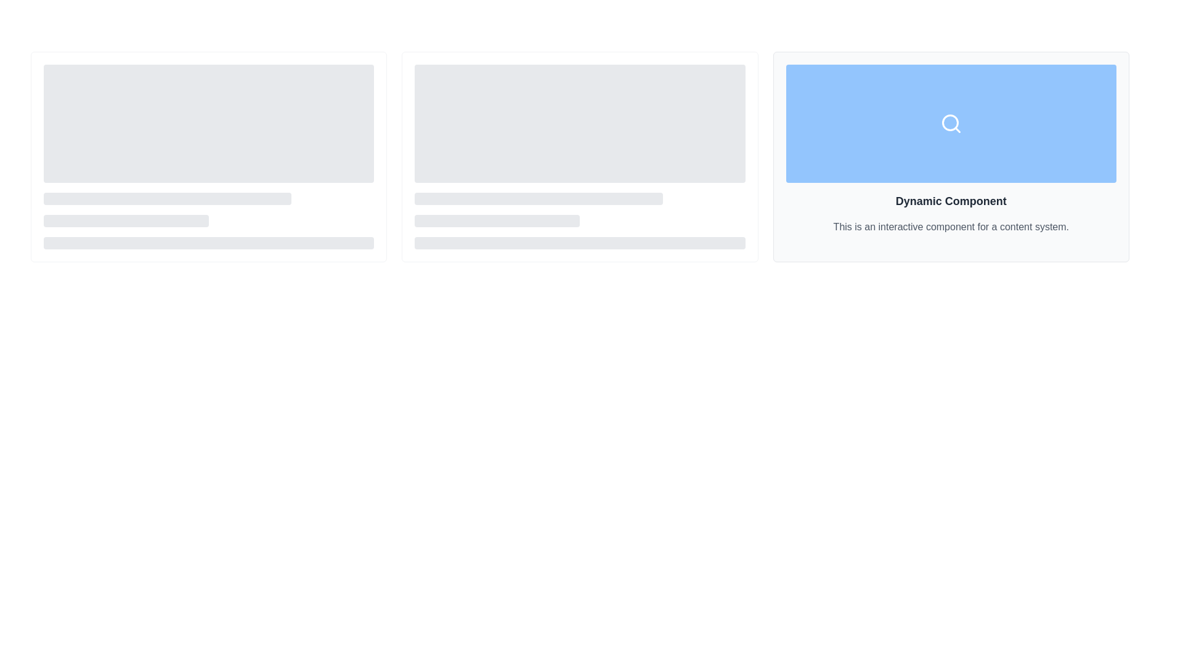  Describe the element at coordinates (950, 156) in the screenshot. I see `the informational card displaying a title and description, located in the top-right corner of a three-column grid layout` at that location.